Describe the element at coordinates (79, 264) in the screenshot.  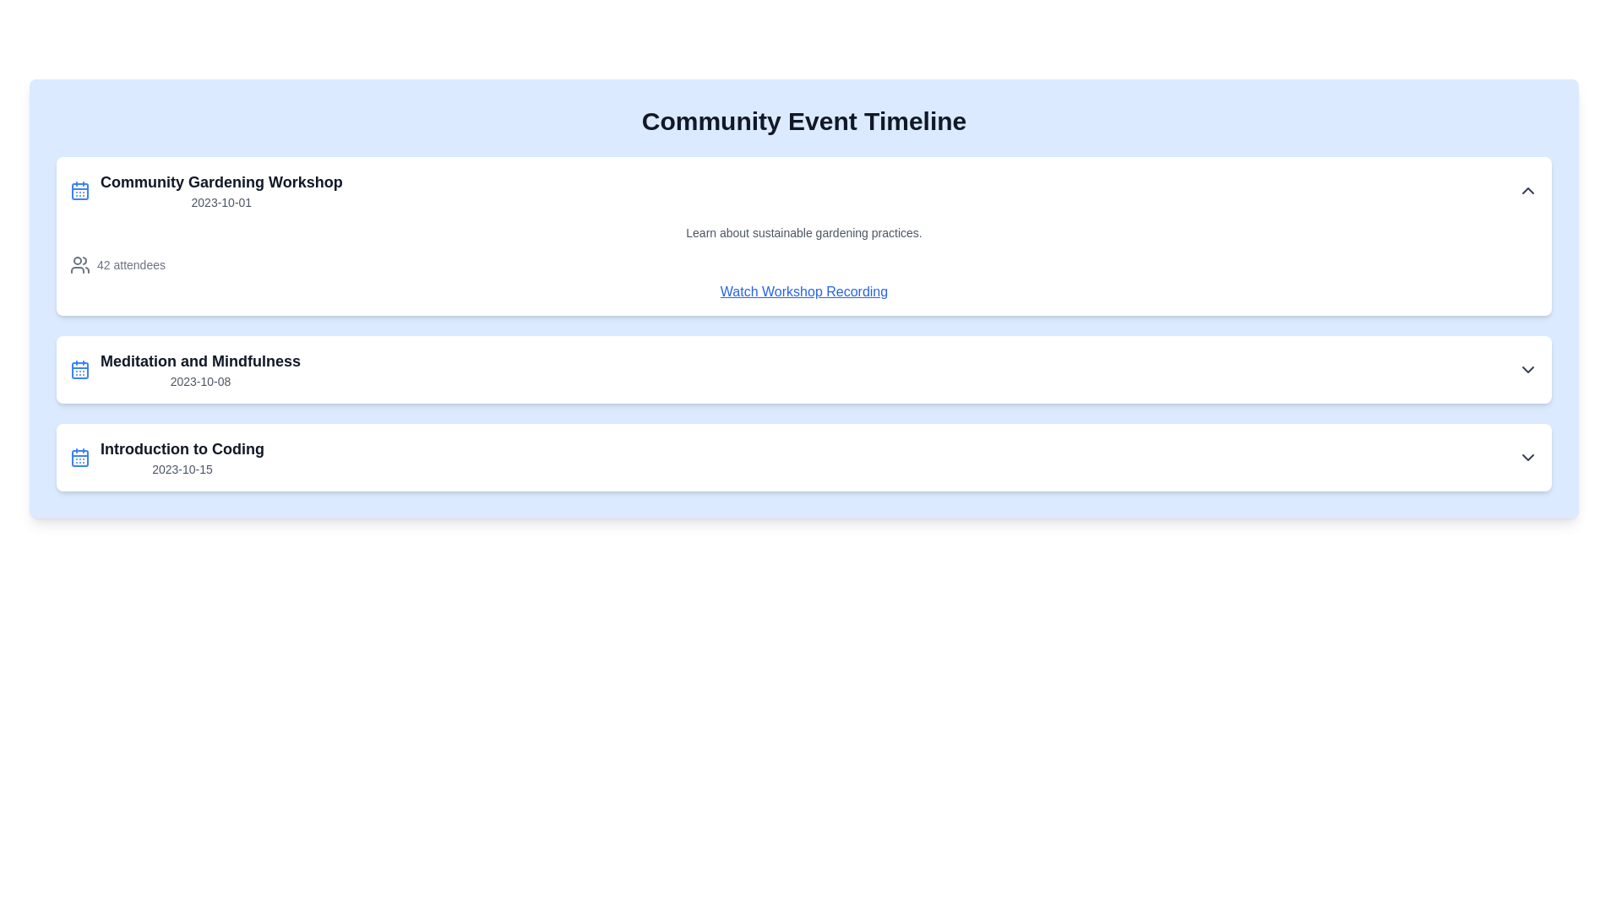
I see `the icon representing a group of people located to the left of the '42 attendees' text in the 'Community Gardening Workshop' section` at that location.